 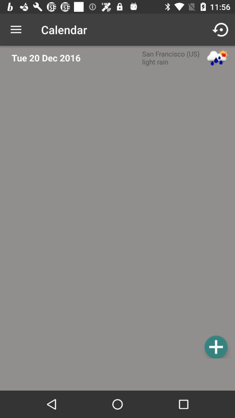 I want to click on zoom in, so click(x=215, y=347).